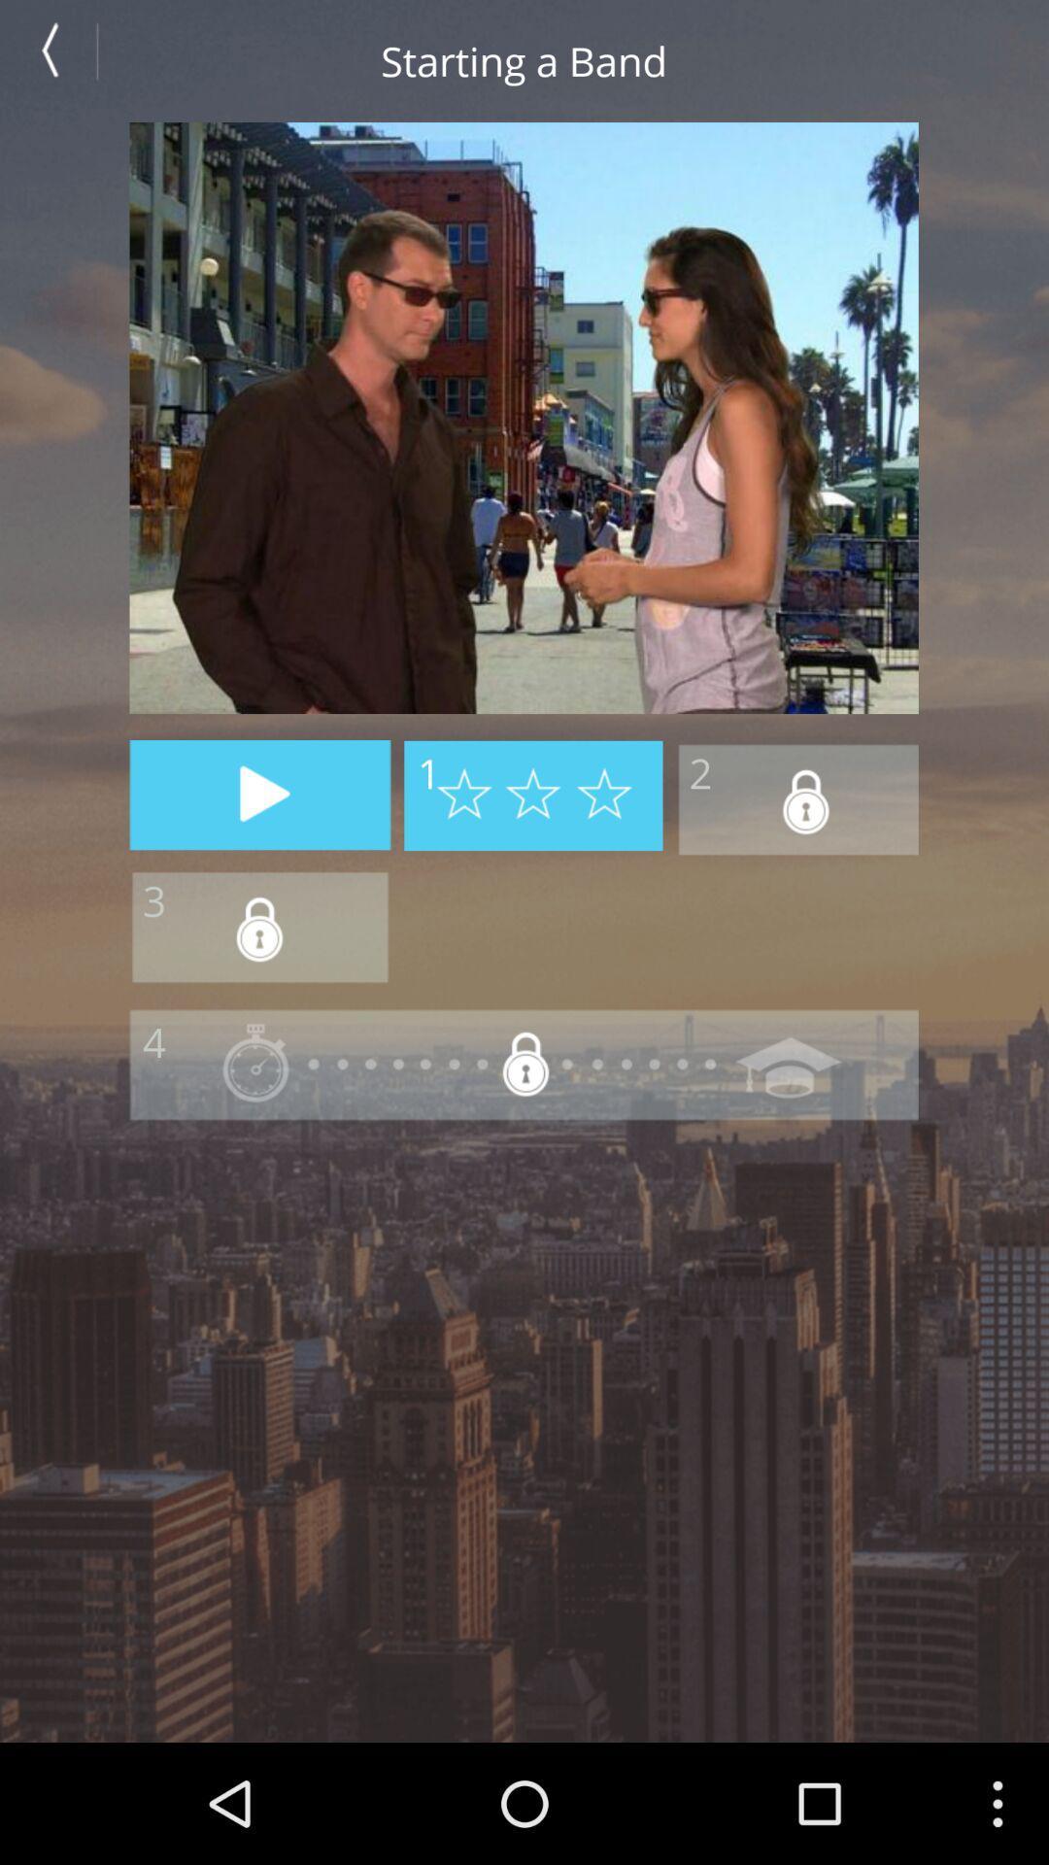 This screenshot has width=1049, height=1865. Describe the element at coordinates (259, 795) in the screenshot. I see `button` at that location.